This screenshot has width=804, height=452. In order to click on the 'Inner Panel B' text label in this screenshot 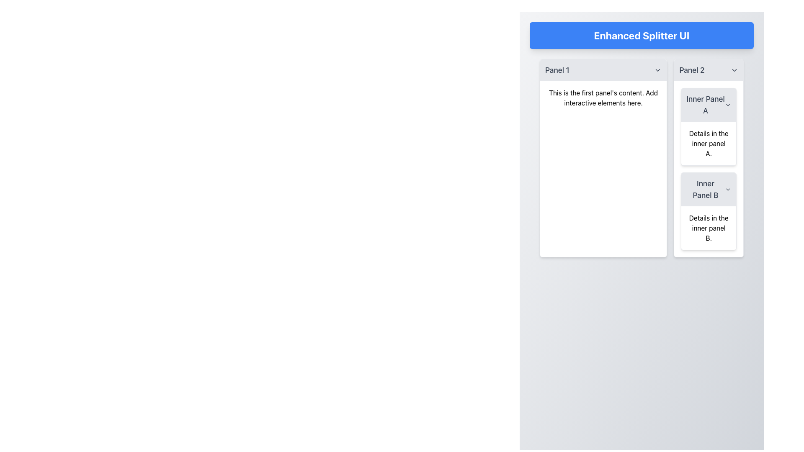, I will do `click(705, 189)`.